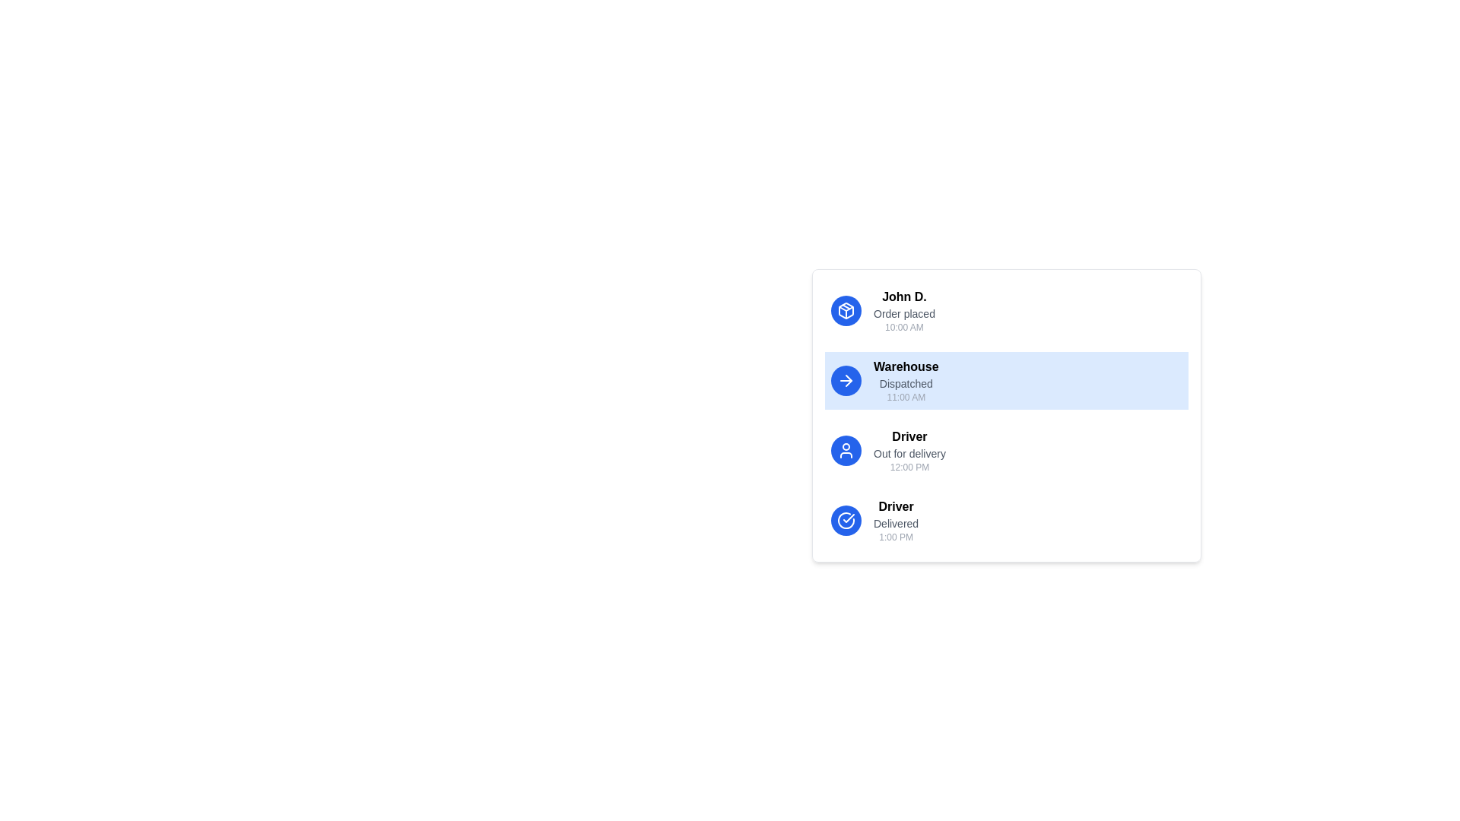 The height and width of the screenshot is (821, 1460). I want to click on the content of the text label indicating the user or entity associated with the activity, which is positioned to the right of a blue icon and above the texts 'Order placed' and '10:00 AM', so click(904, 296).